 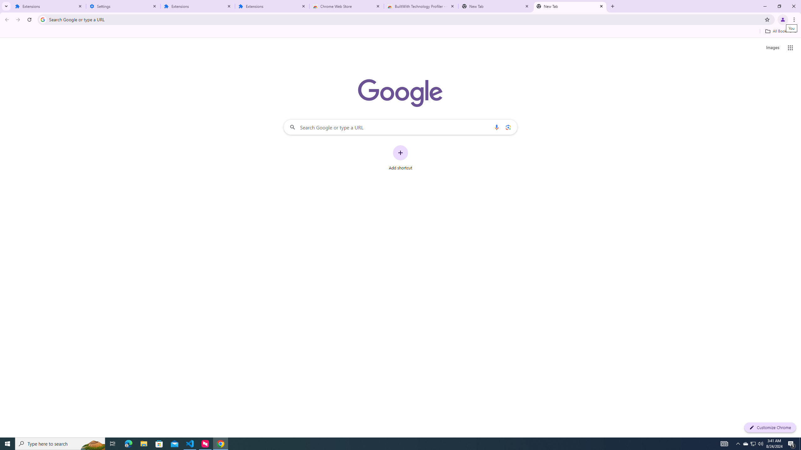 What do you see at coordinates (570, 6) in the screenshot?
I see `'New Tab'` at bounding box center [570, 6].